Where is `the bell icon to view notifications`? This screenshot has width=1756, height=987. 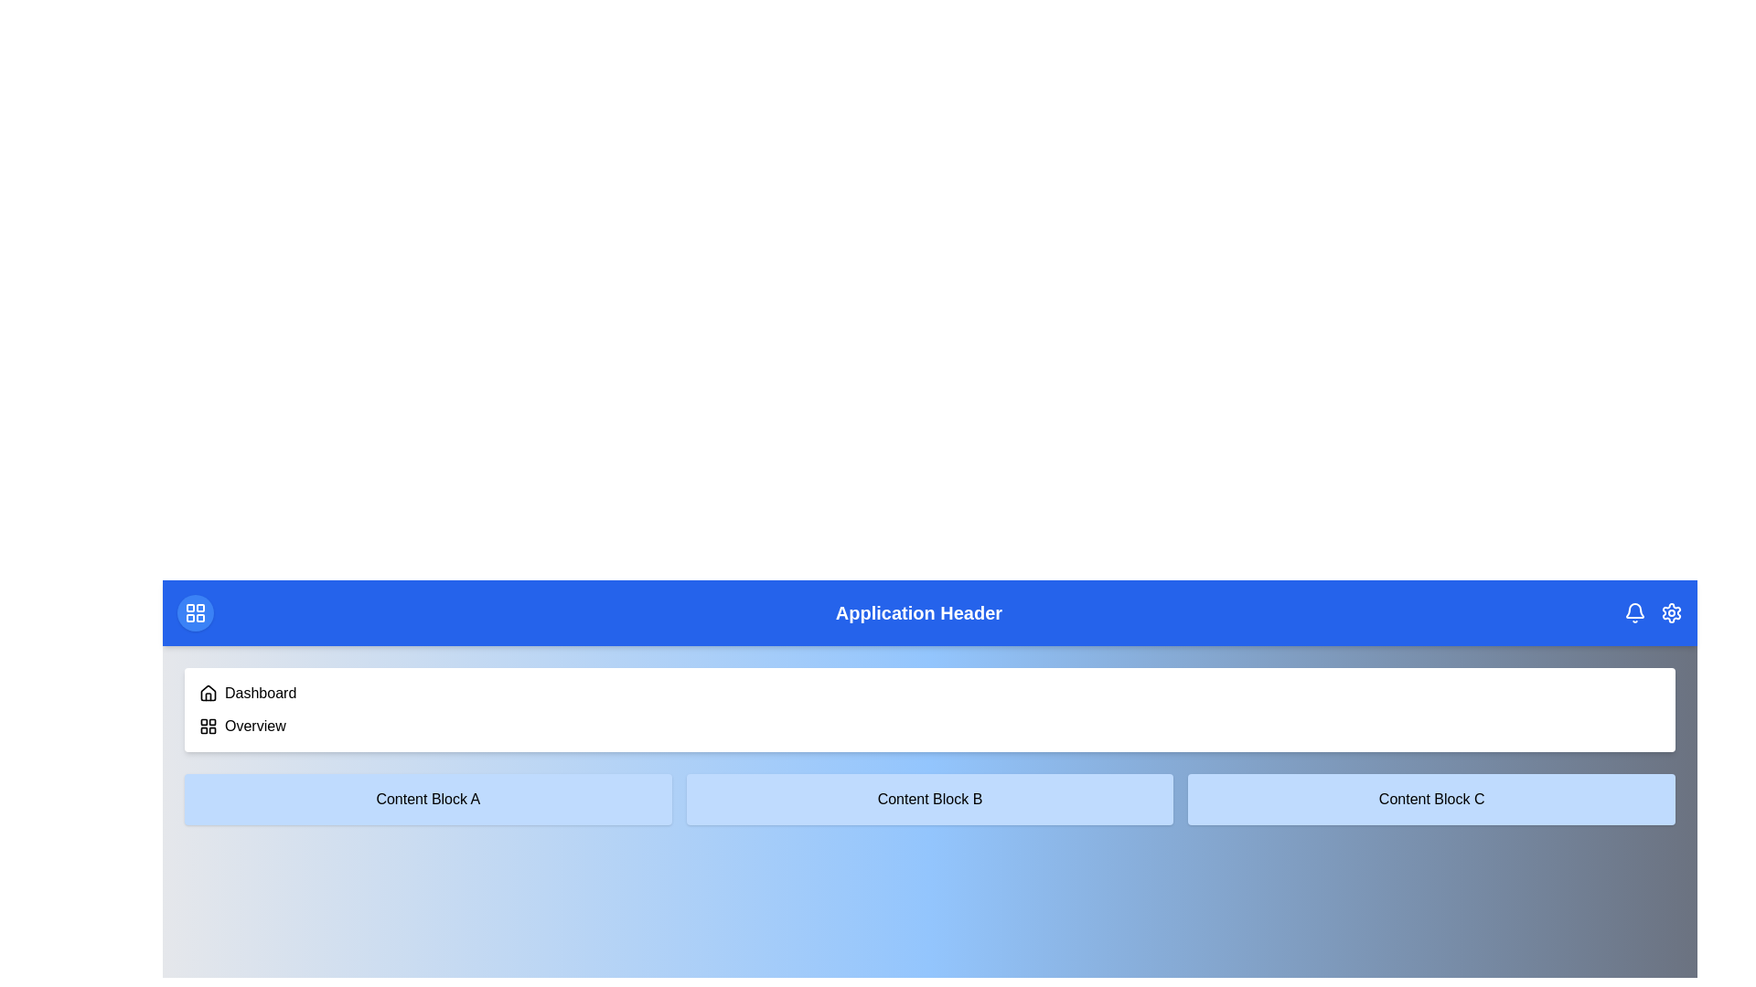
the bell icon to view notifications is located at coordinates (1634, 613).